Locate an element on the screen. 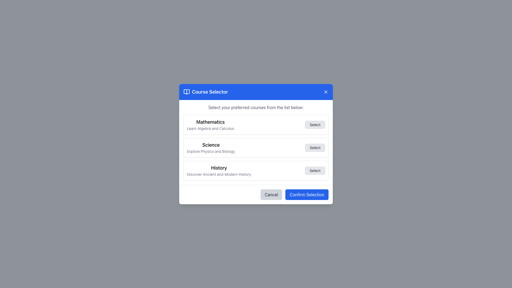 The image size is (512, 288). the 'Select' button, which is a compact rectangular button with a light gray background and bold black text, positioned to the right of 'Mathematics' and 'Learn Algebra and Calculus' in a modal dialog box is located at coordinates (315, 125).